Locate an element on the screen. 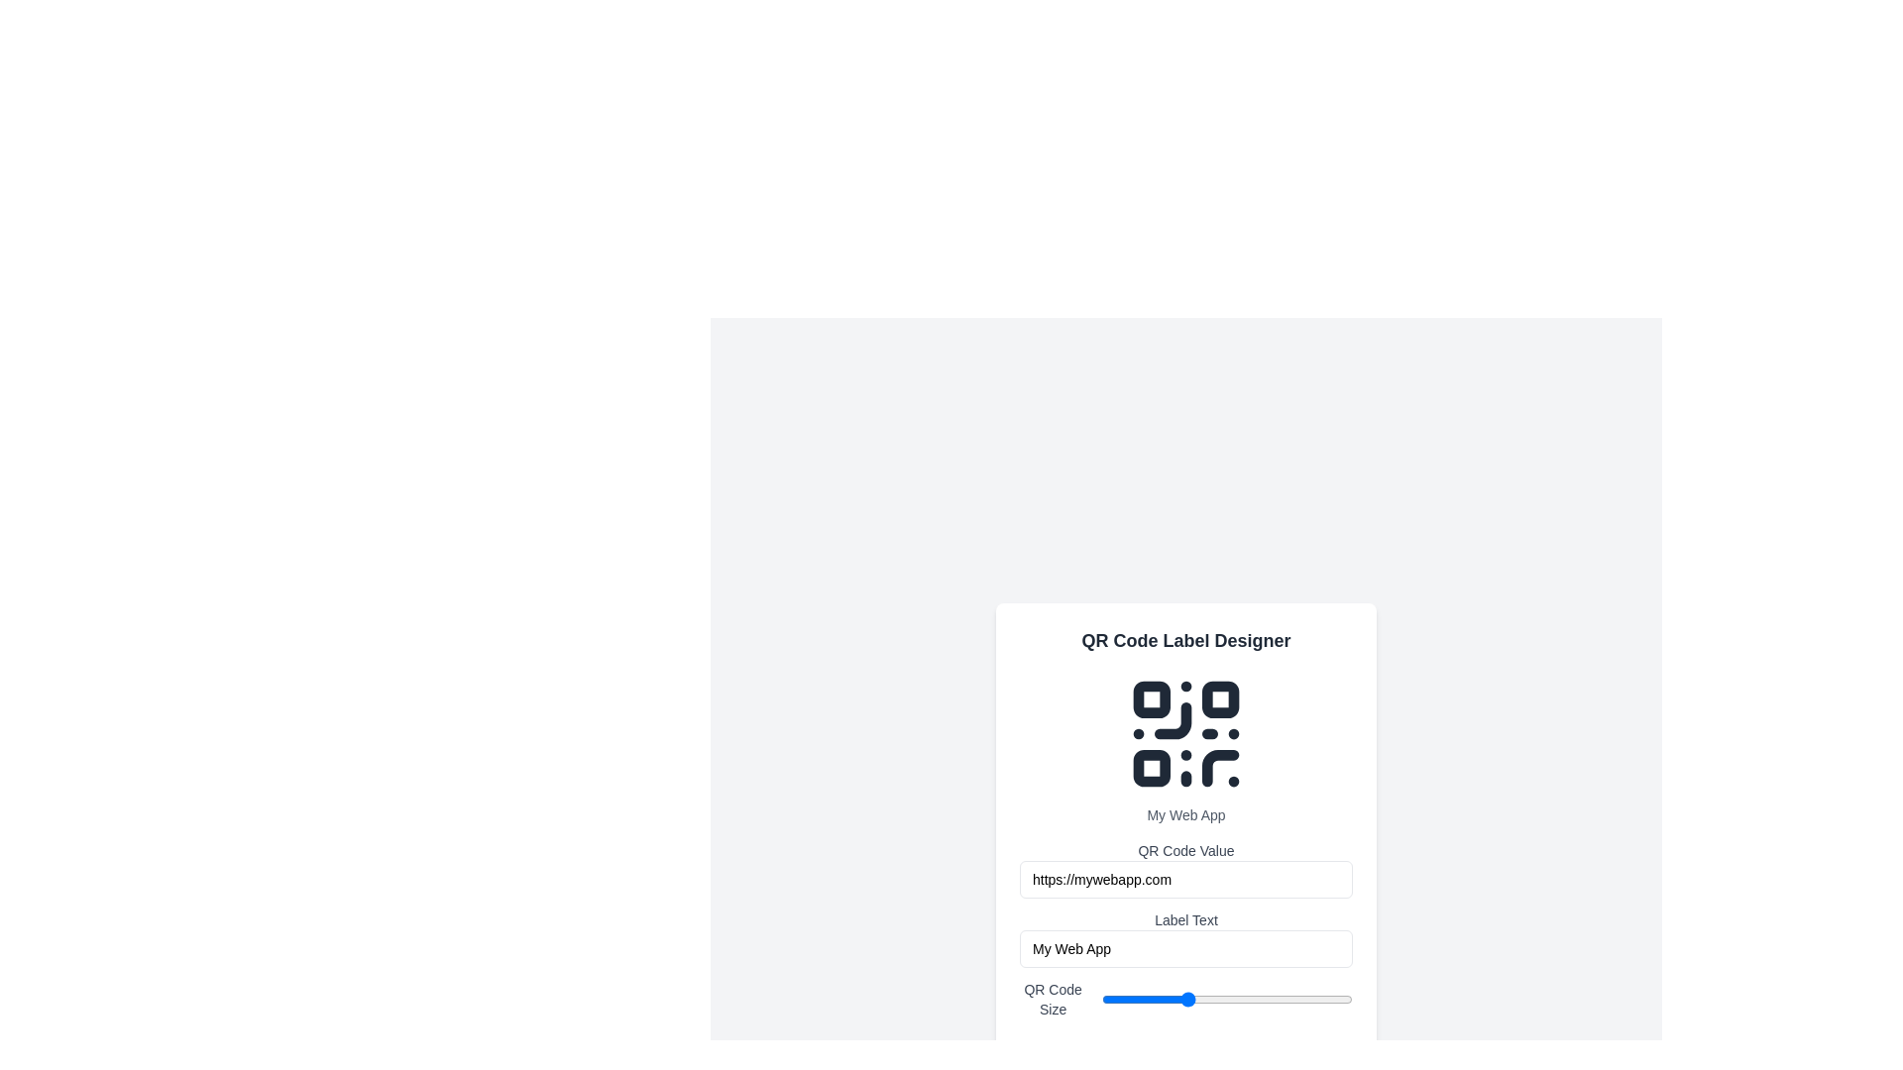 The height and width of the screenshot is (1070, 1903). the QR code size is located at coordinates (1262, 1000).